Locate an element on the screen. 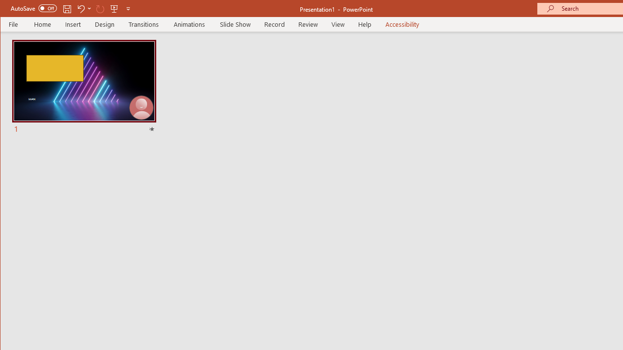  'Undo' is located at coordinates (84, 8).